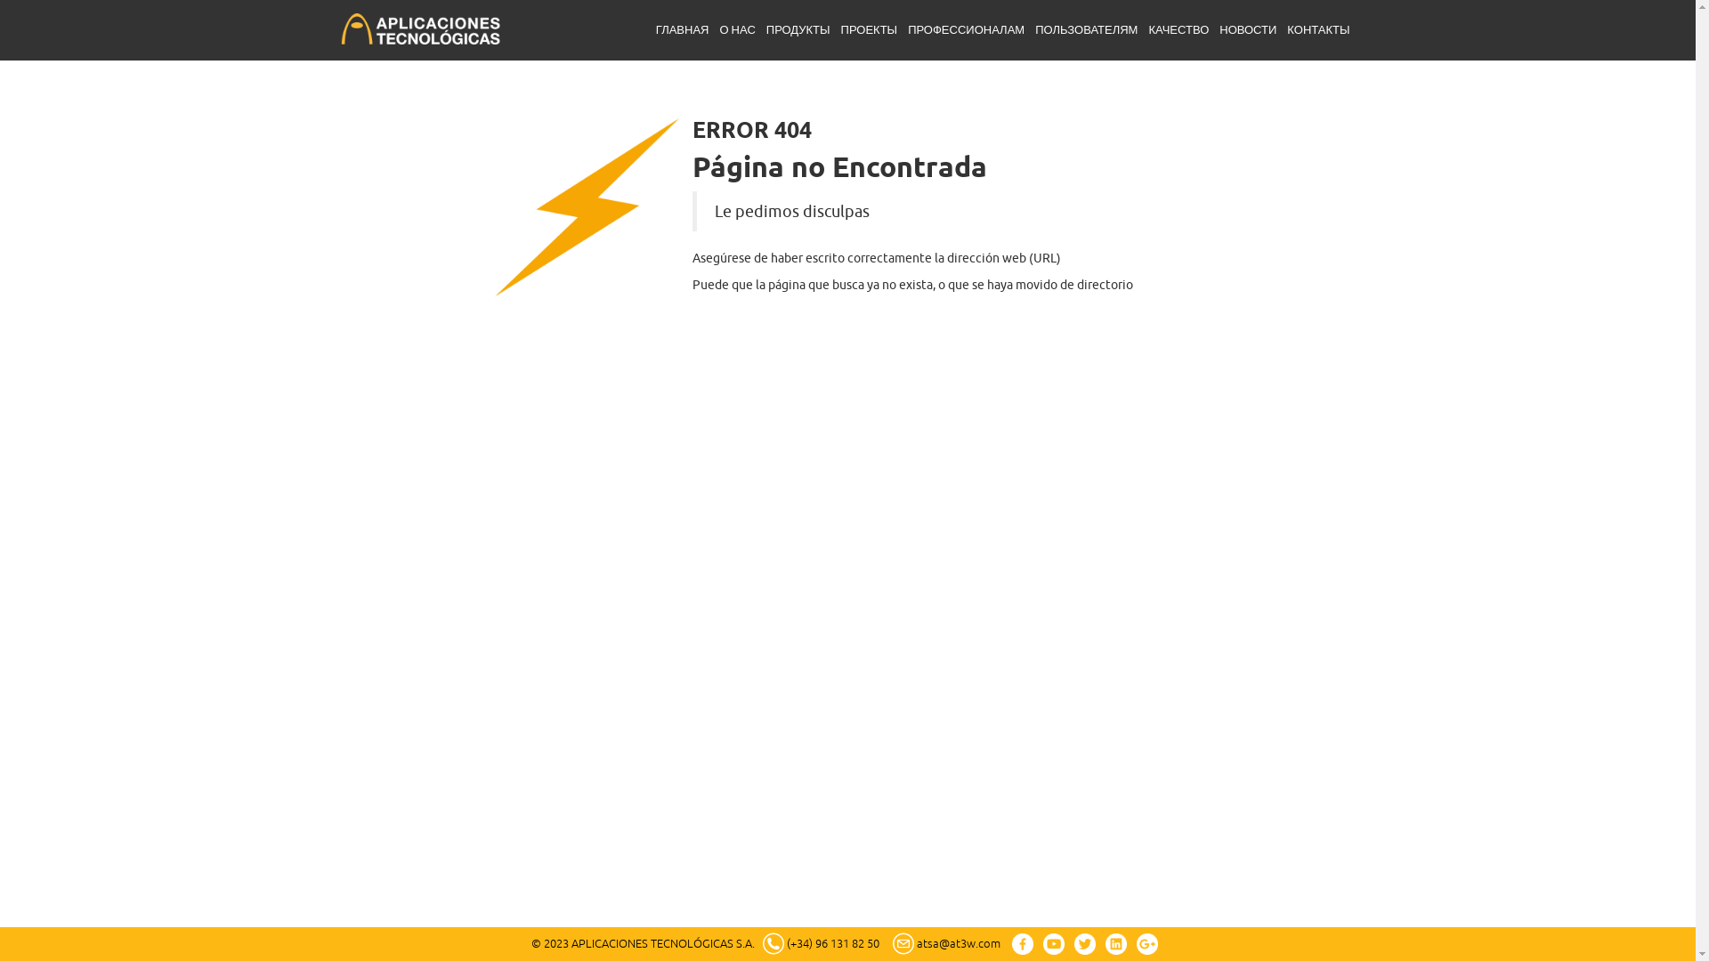 The height and width of the screenshot is (961, 1709). Describe the element at coordinates (1022, 942) in the screenshot. I see `'Facebook'` at that location.